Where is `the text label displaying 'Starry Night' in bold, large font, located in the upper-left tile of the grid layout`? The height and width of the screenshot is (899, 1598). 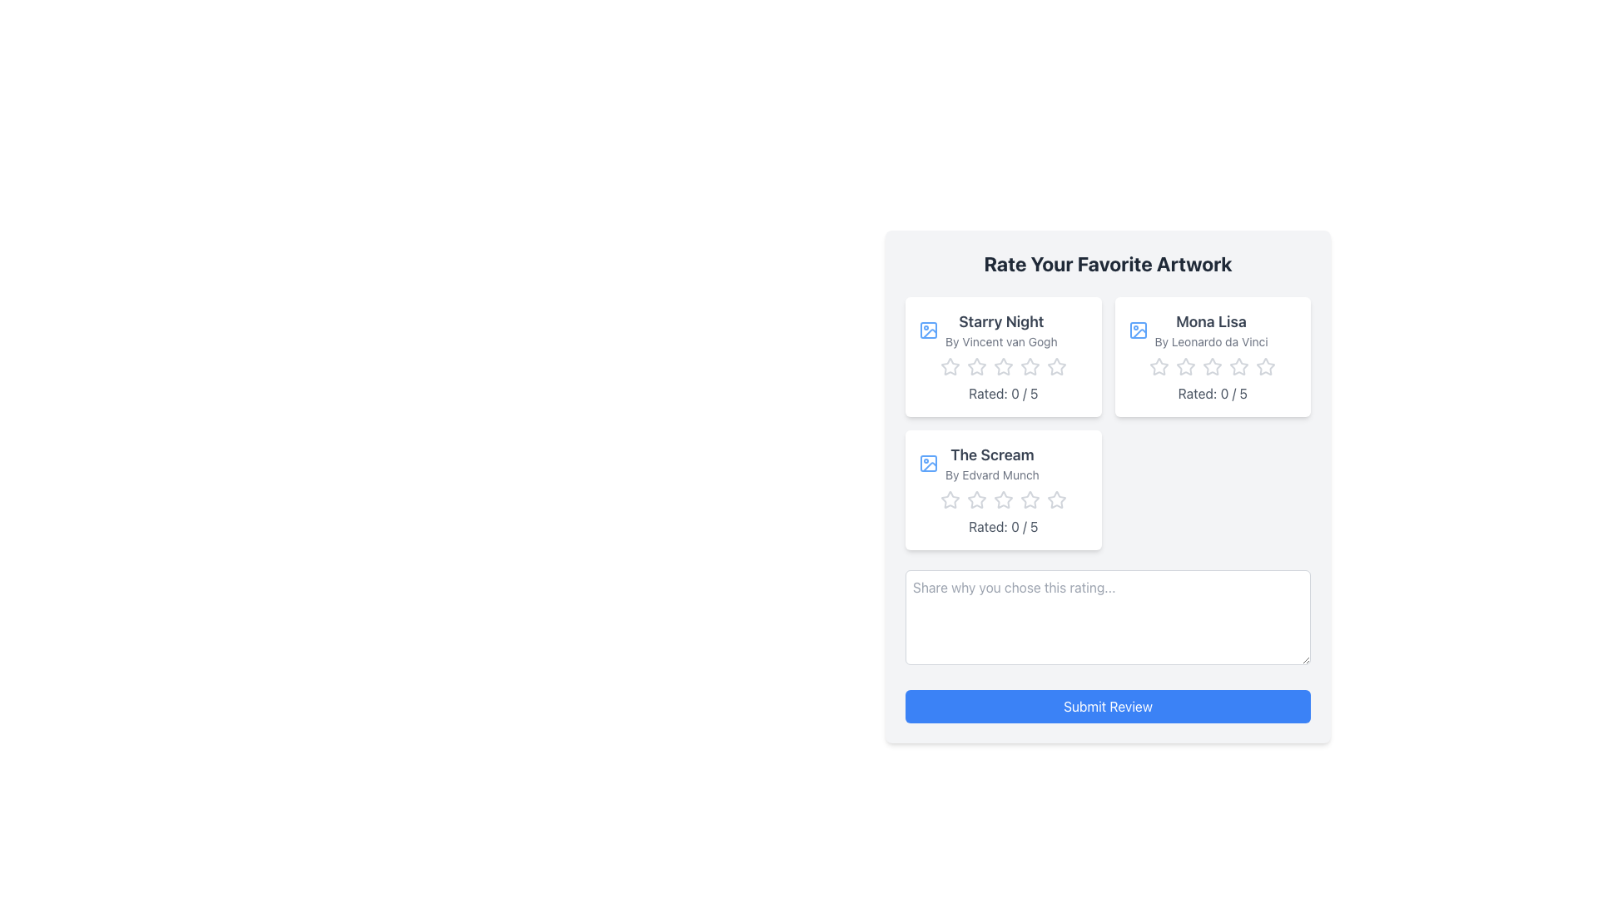
the text label displaying 'Starry Night' in bold, large font, located in the upper-left tile of the grid layout is located at coordinates (1000, 321).